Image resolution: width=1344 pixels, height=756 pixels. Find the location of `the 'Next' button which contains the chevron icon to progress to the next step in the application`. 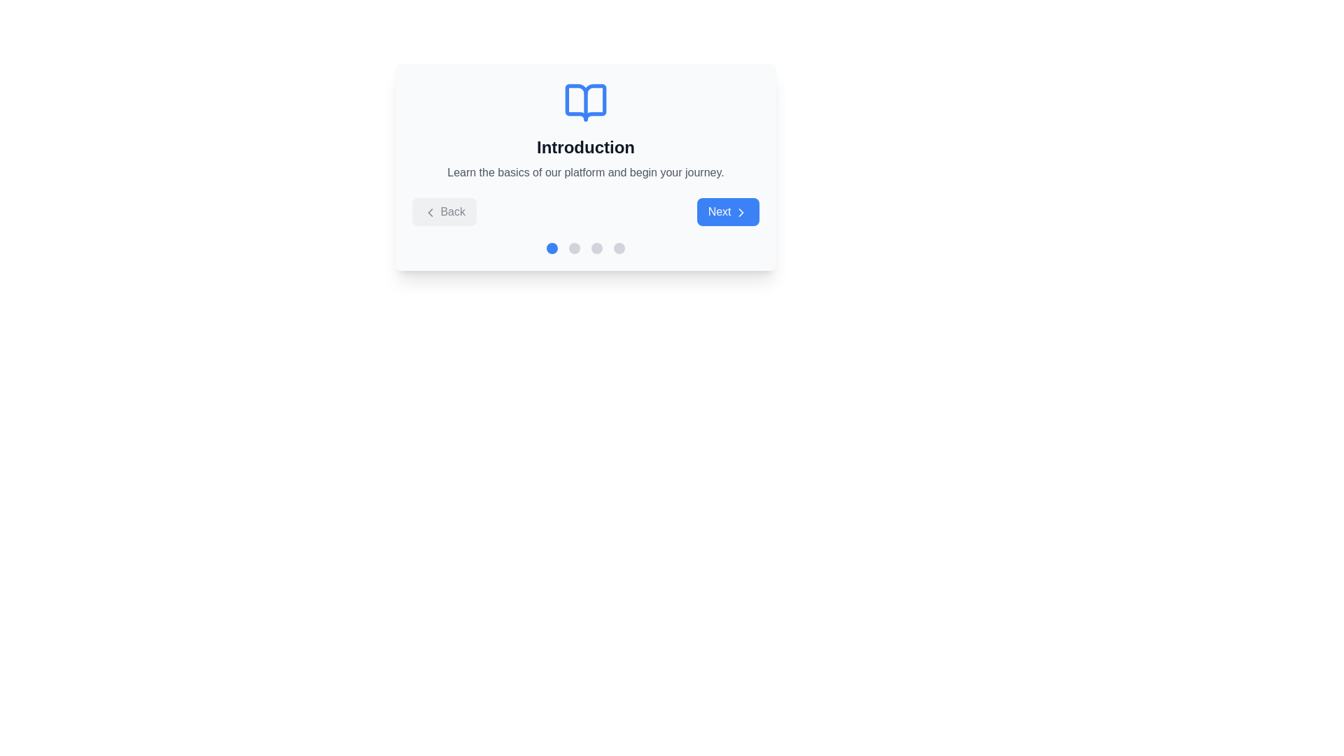

the 'Next' button which contains the chevron icon to progress to the next step in the application is located at coordinates (741, 212).